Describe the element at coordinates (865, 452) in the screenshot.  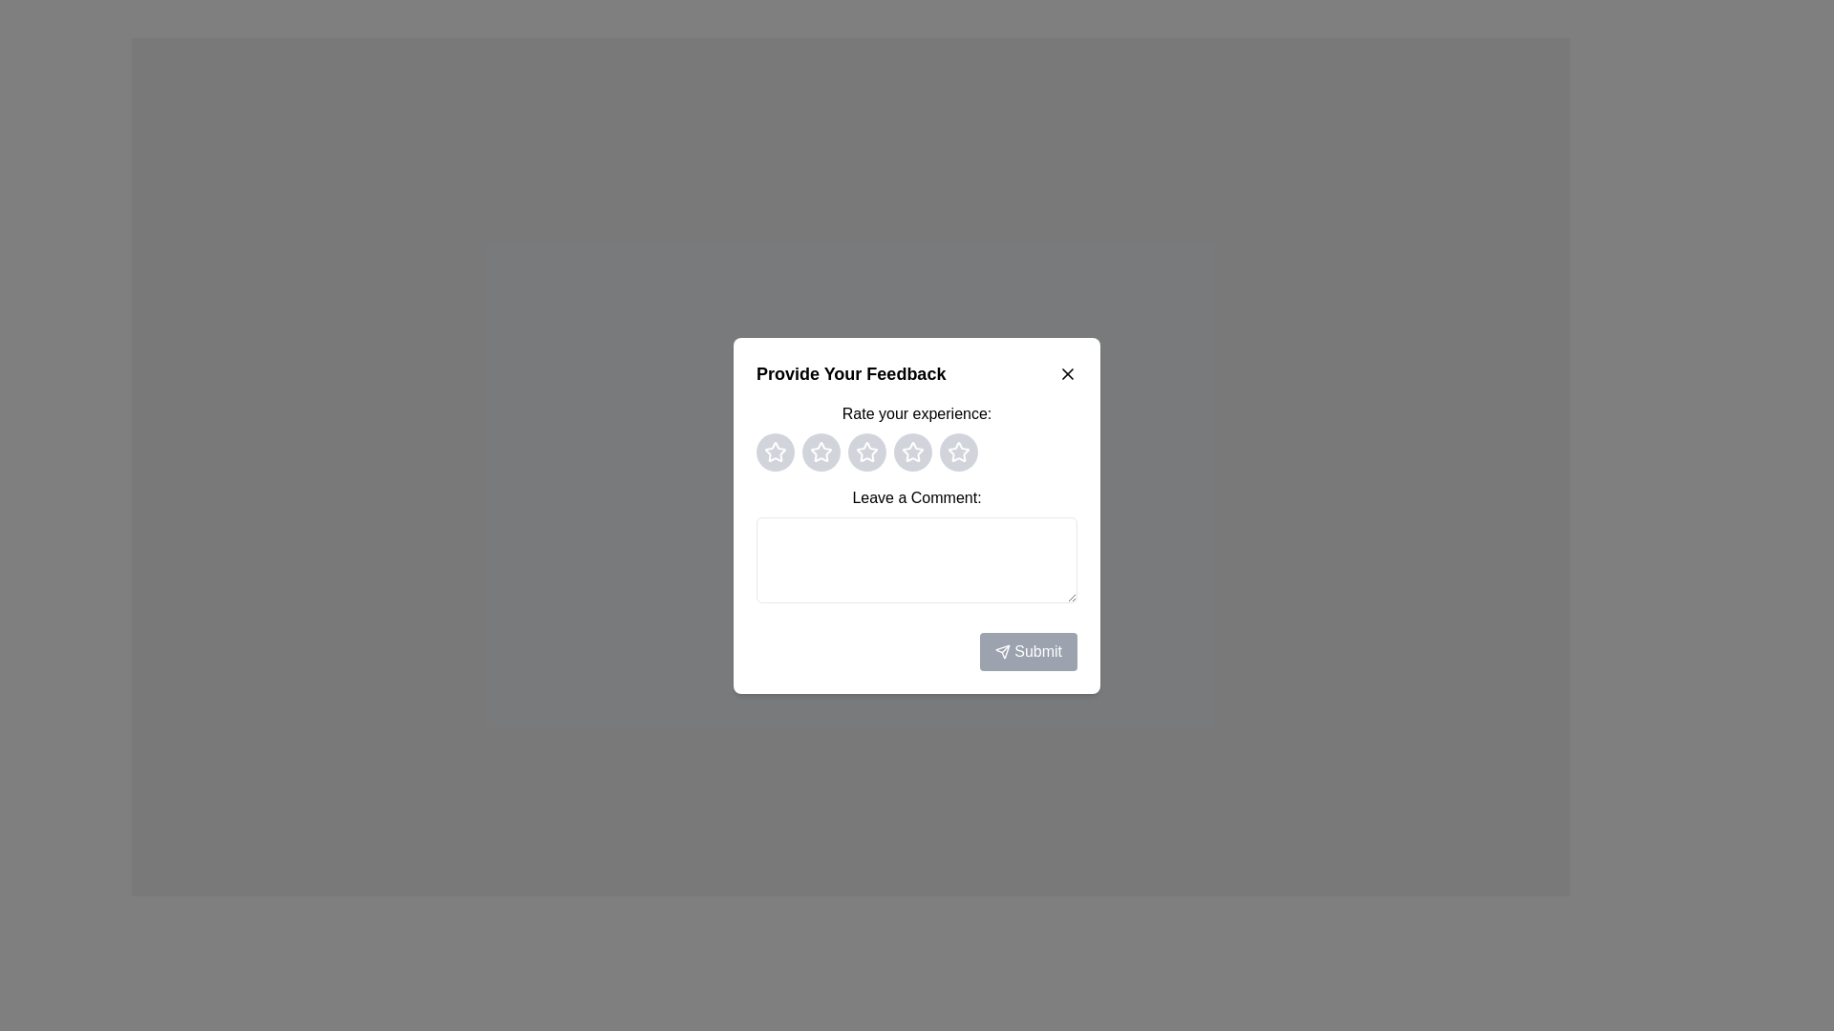
I see `the second star icon to rate the experience in the feedback dialog box` at that location.